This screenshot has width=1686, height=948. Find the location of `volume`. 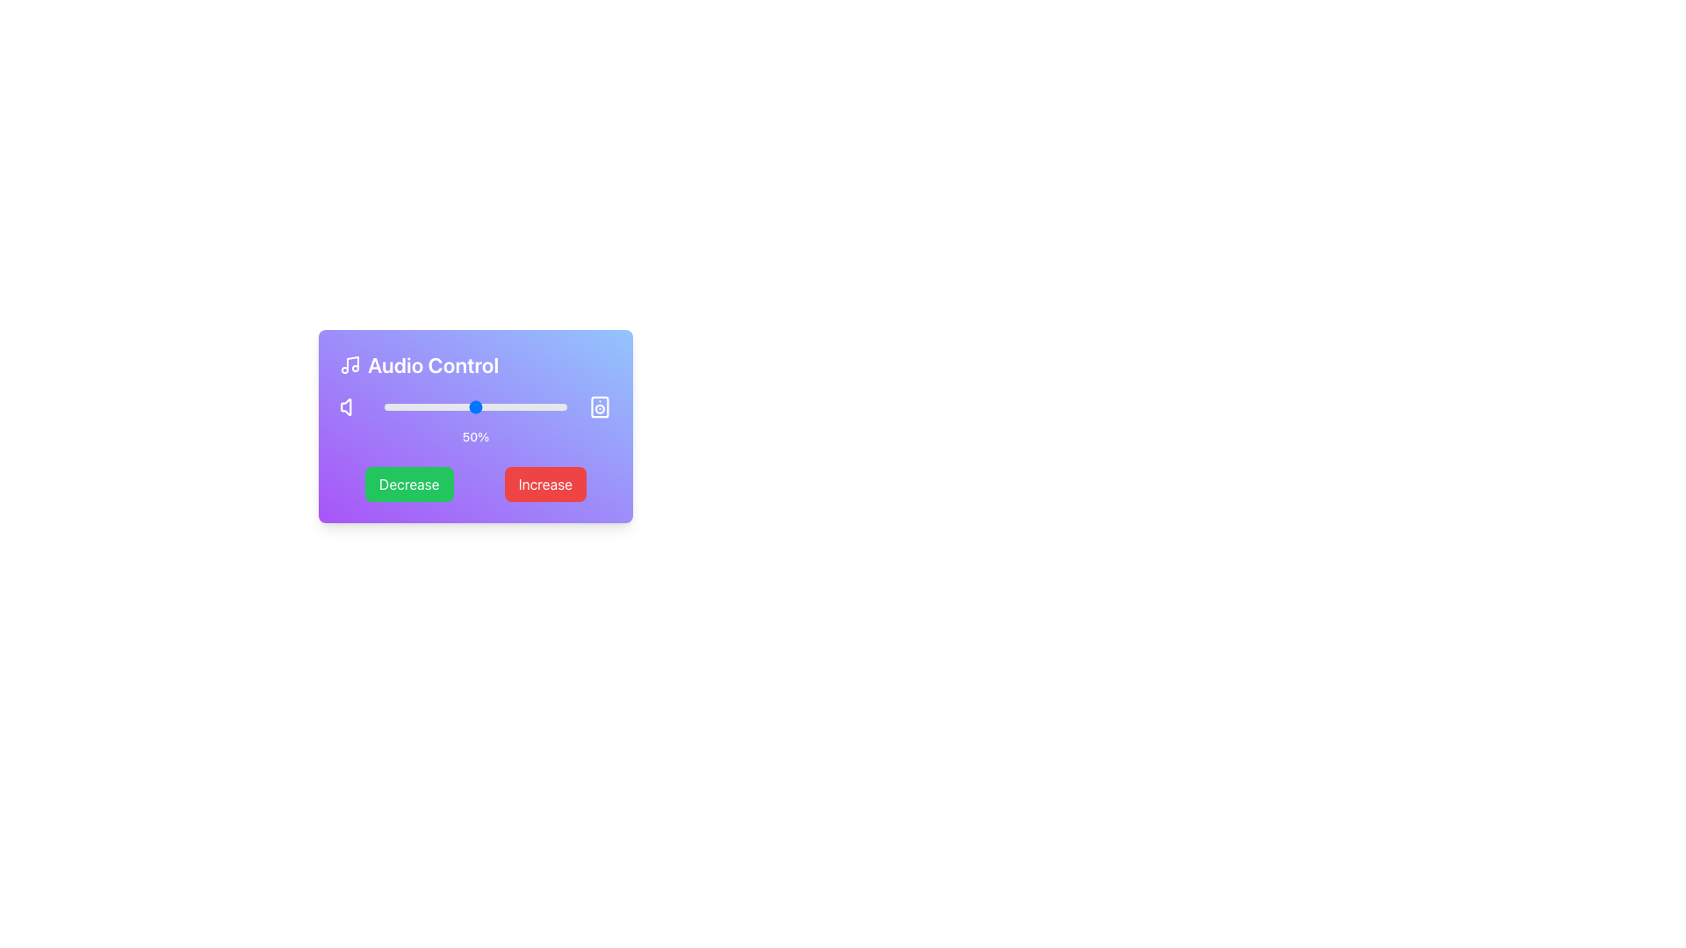

volume is located at coordinates (555, 406).